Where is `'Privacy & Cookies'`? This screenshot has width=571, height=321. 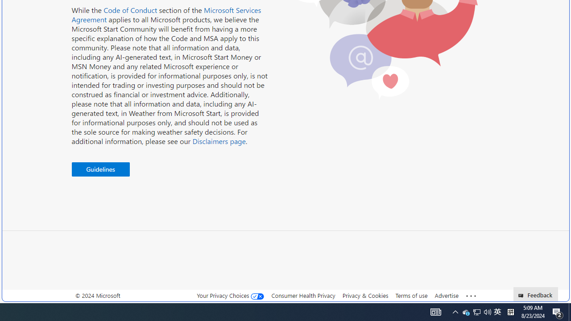
'Privacy & Cookies' is located at coordinates (365, 296).